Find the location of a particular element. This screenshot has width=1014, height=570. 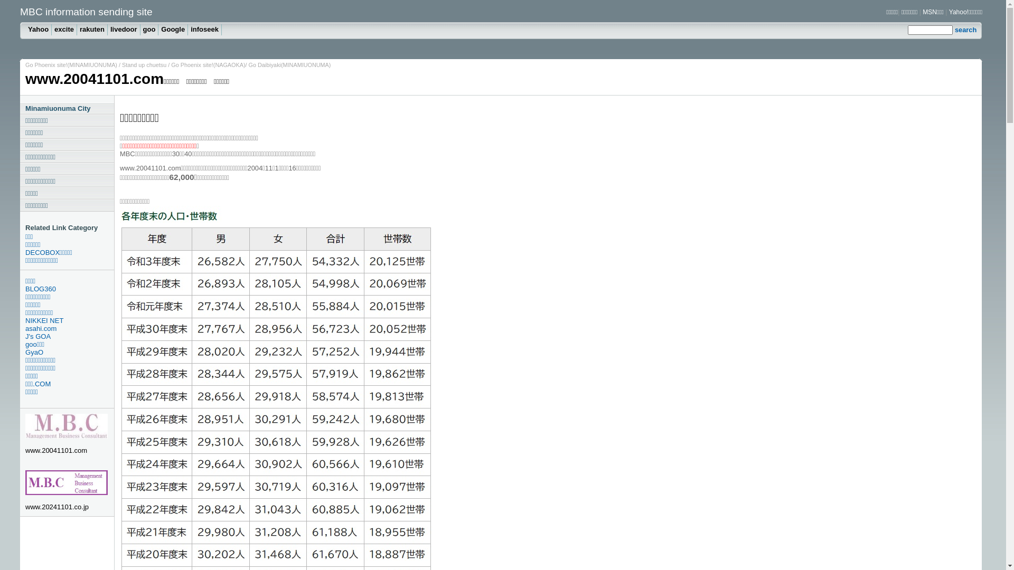

'rakuten' is located at coordinates (76, 29).